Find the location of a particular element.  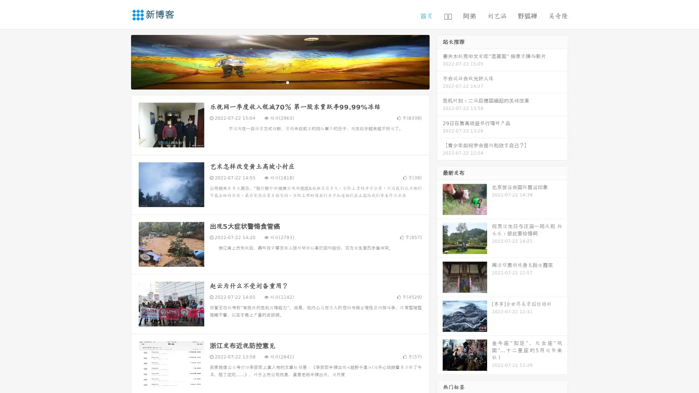

Go to slide 1 is located at coordinates (272, 82).